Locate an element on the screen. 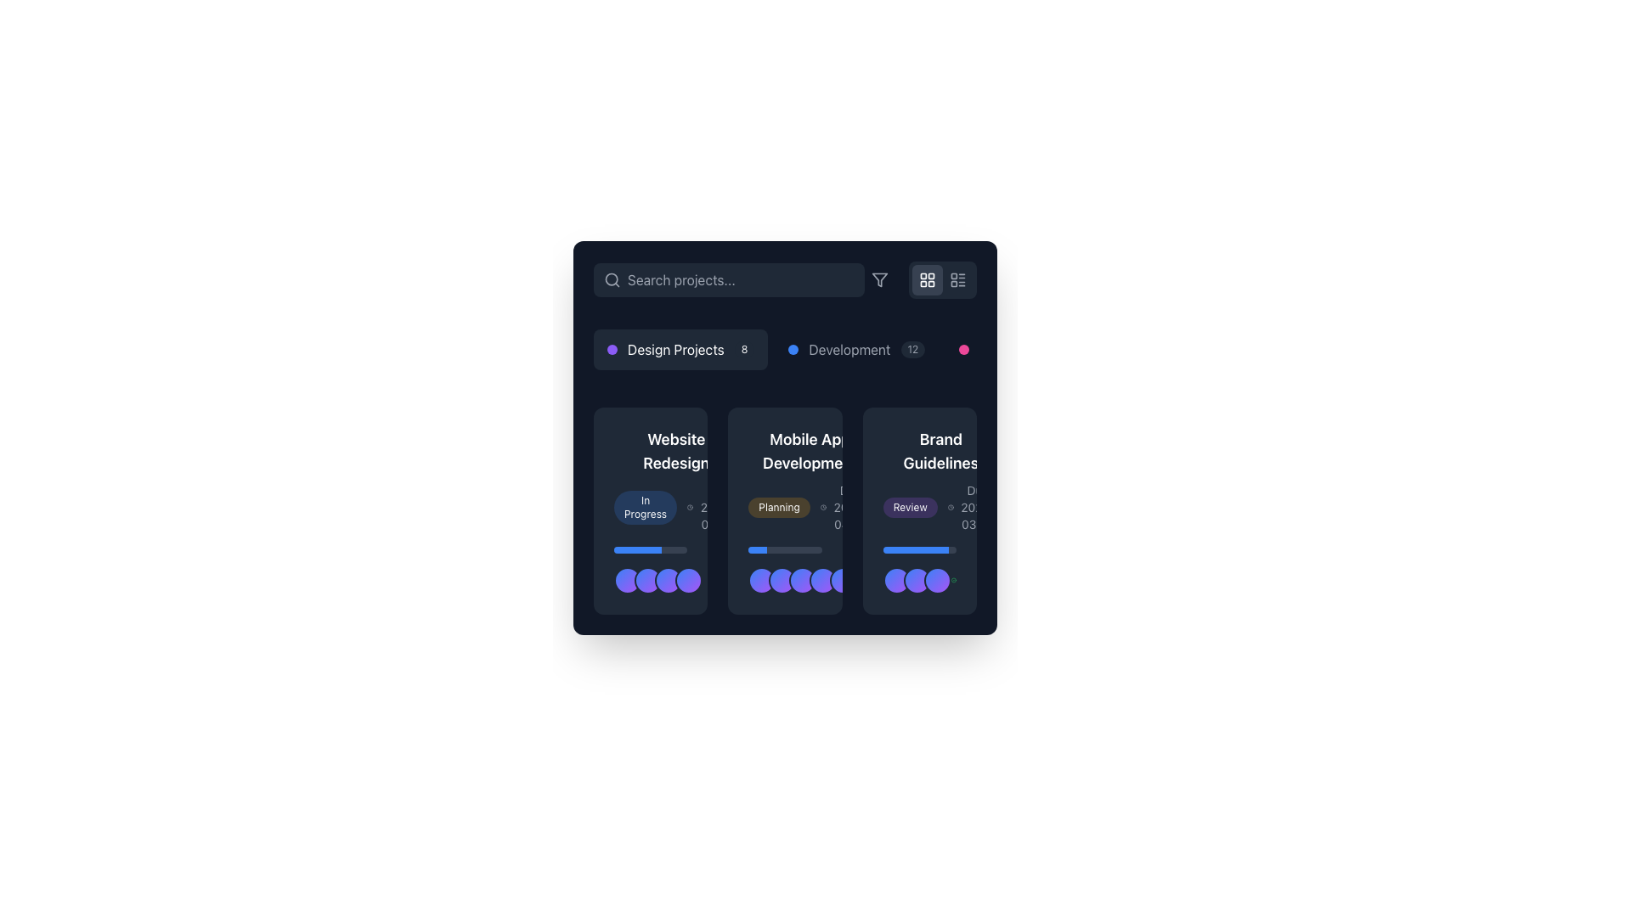  the sixth circular avatar-like component with a gradient background transitioning from blue to purple is located at coordinates (864, 579).